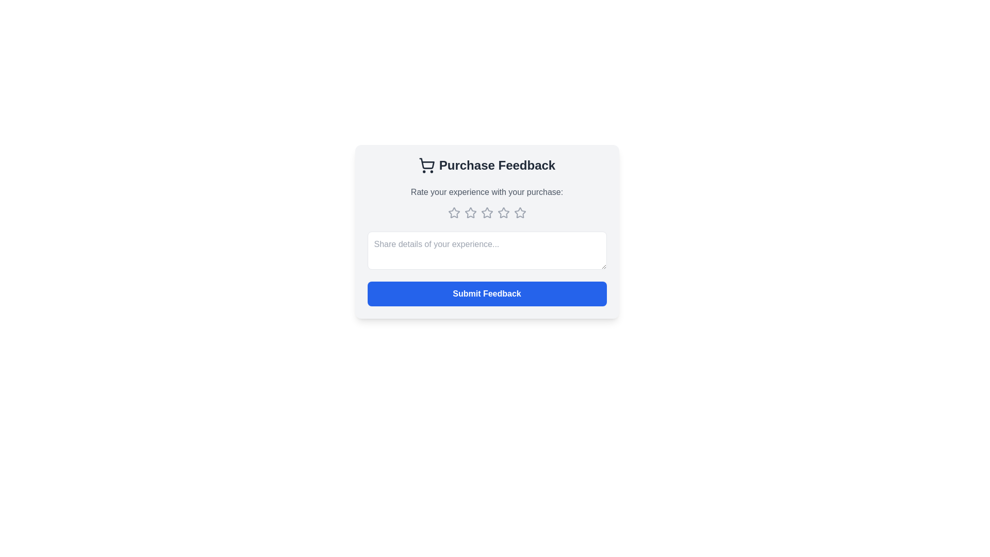  I want to click on the second star-shaped rating icon in the feedback form, so click(470, 212).